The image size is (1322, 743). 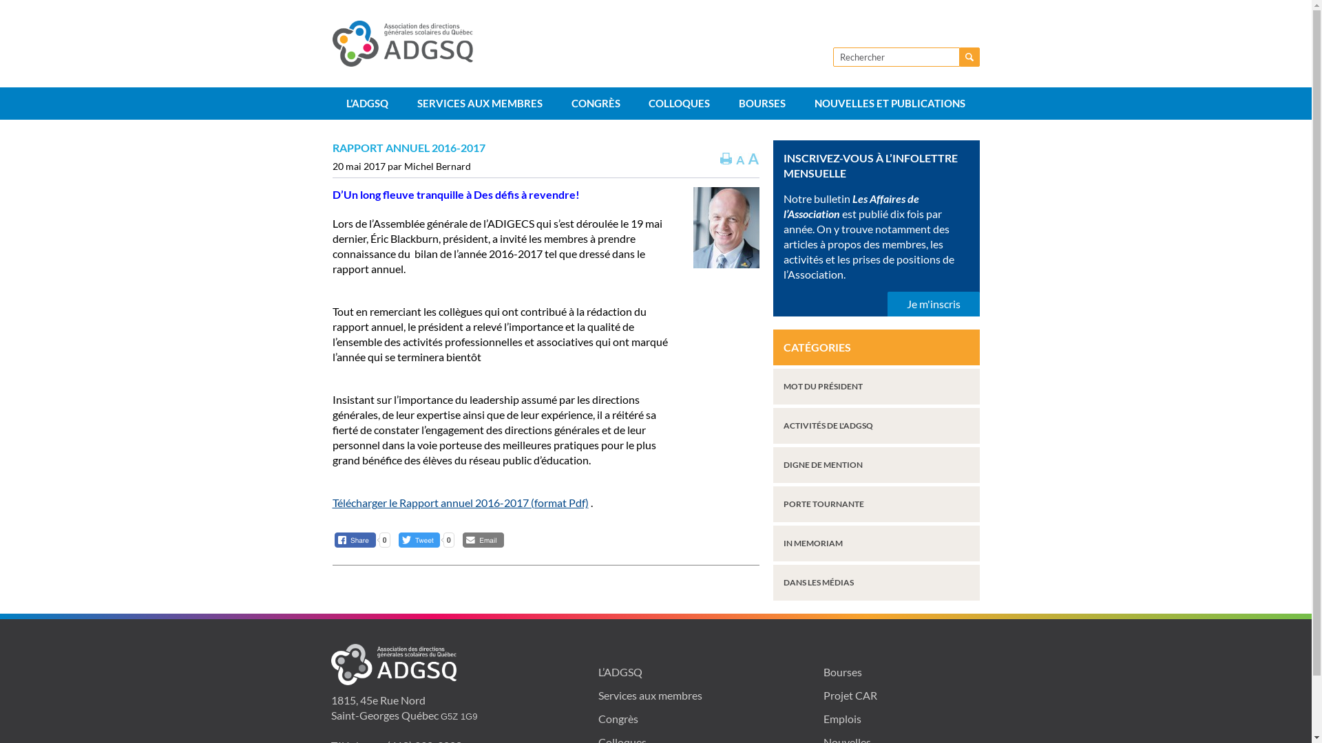 What do you see at coordinates (849, 695) in the screenshot?
I see `'Projet CAR'` at bounding box center [849, 695].